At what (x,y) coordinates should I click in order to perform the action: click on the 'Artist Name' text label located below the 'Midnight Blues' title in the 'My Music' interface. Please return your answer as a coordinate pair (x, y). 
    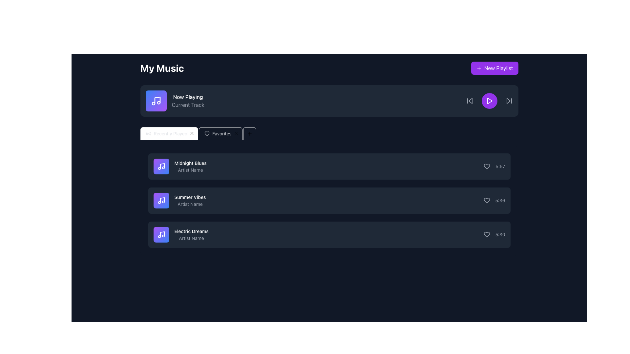
    Looking at the image, I should click on (190, 170).